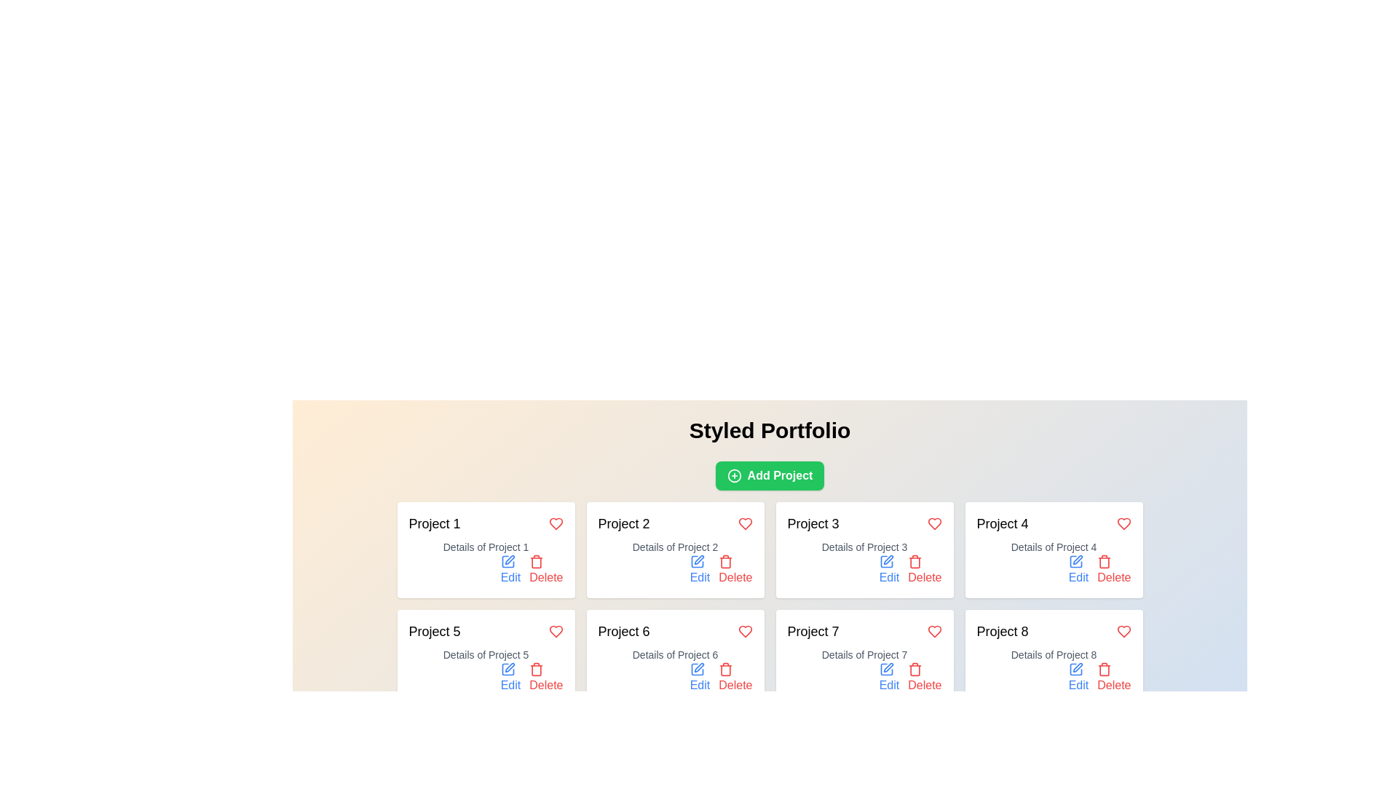 This screenshot has height=786, width=1398. Describe the element at coordinates (1105, 670) in the screenshot. I see `the 'Delete' icon located at the bottom right corner of the card for 'Project 8'` at that location.